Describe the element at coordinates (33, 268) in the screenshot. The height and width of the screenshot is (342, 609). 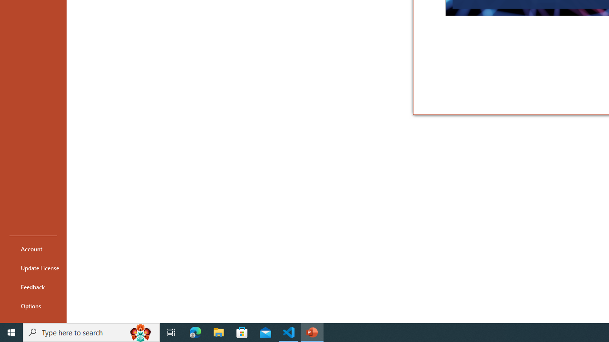
I see `'Update License'` at that location.